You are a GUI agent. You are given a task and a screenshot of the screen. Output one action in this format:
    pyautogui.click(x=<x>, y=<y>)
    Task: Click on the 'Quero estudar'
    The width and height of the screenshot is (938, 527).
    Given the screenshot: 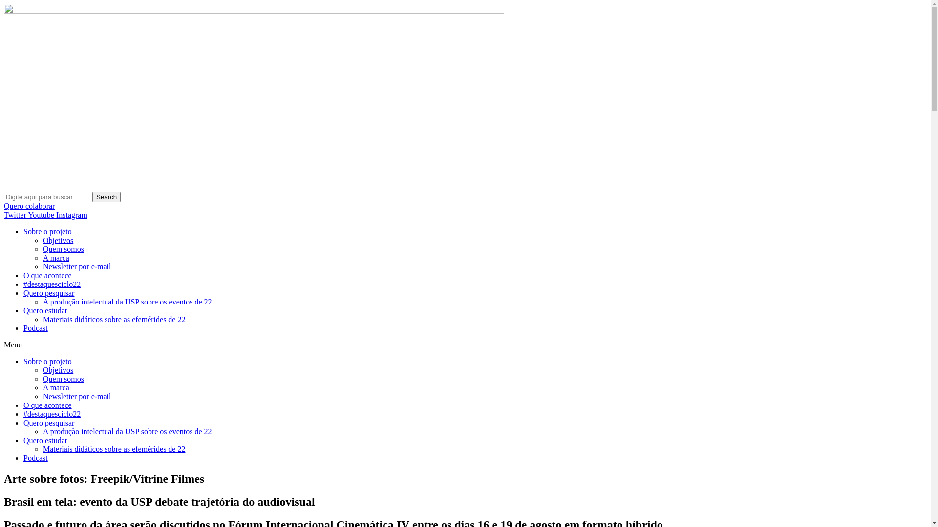 What is the action you would take?
    pyautogui.click(x=44, y=440)
    